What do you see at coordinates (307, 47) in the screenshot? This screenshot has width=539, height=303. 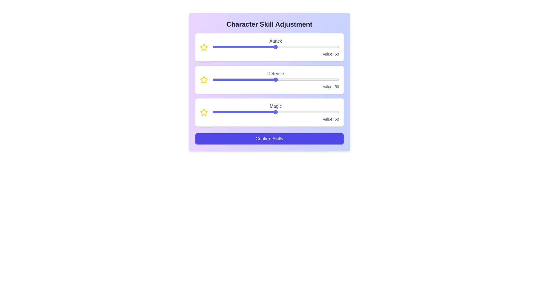 I see `the 0 slider to 51` at bounding box center [307, 47].